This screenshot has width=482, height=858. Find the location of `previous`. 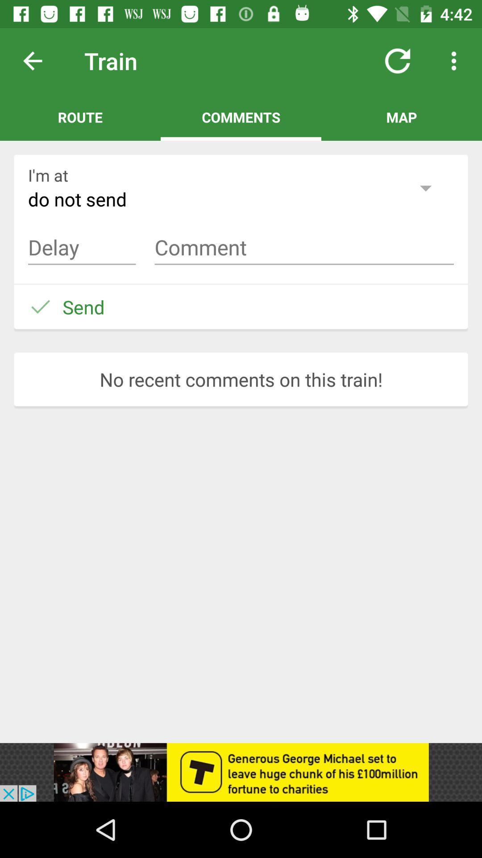

previous is located at coordinates (39, 60).